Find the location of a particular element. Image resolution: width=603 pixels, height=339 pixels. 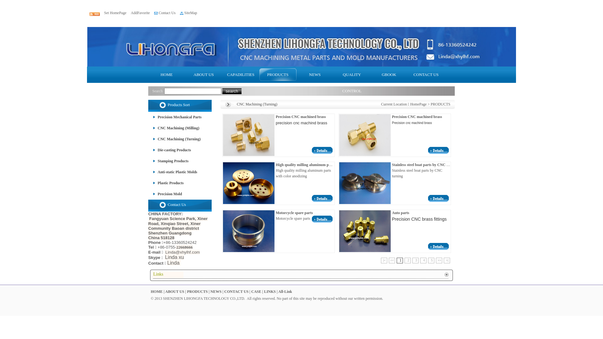

'CONTACT US' is located at coordinates (426, 74).